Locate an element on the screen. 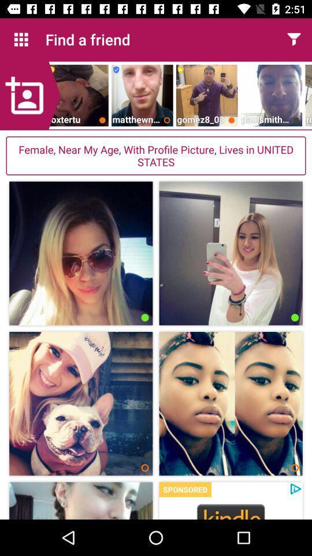 The width and height of the screenshot is (312, 556). the item below sponsored icon is located at coordinates (231, 510).